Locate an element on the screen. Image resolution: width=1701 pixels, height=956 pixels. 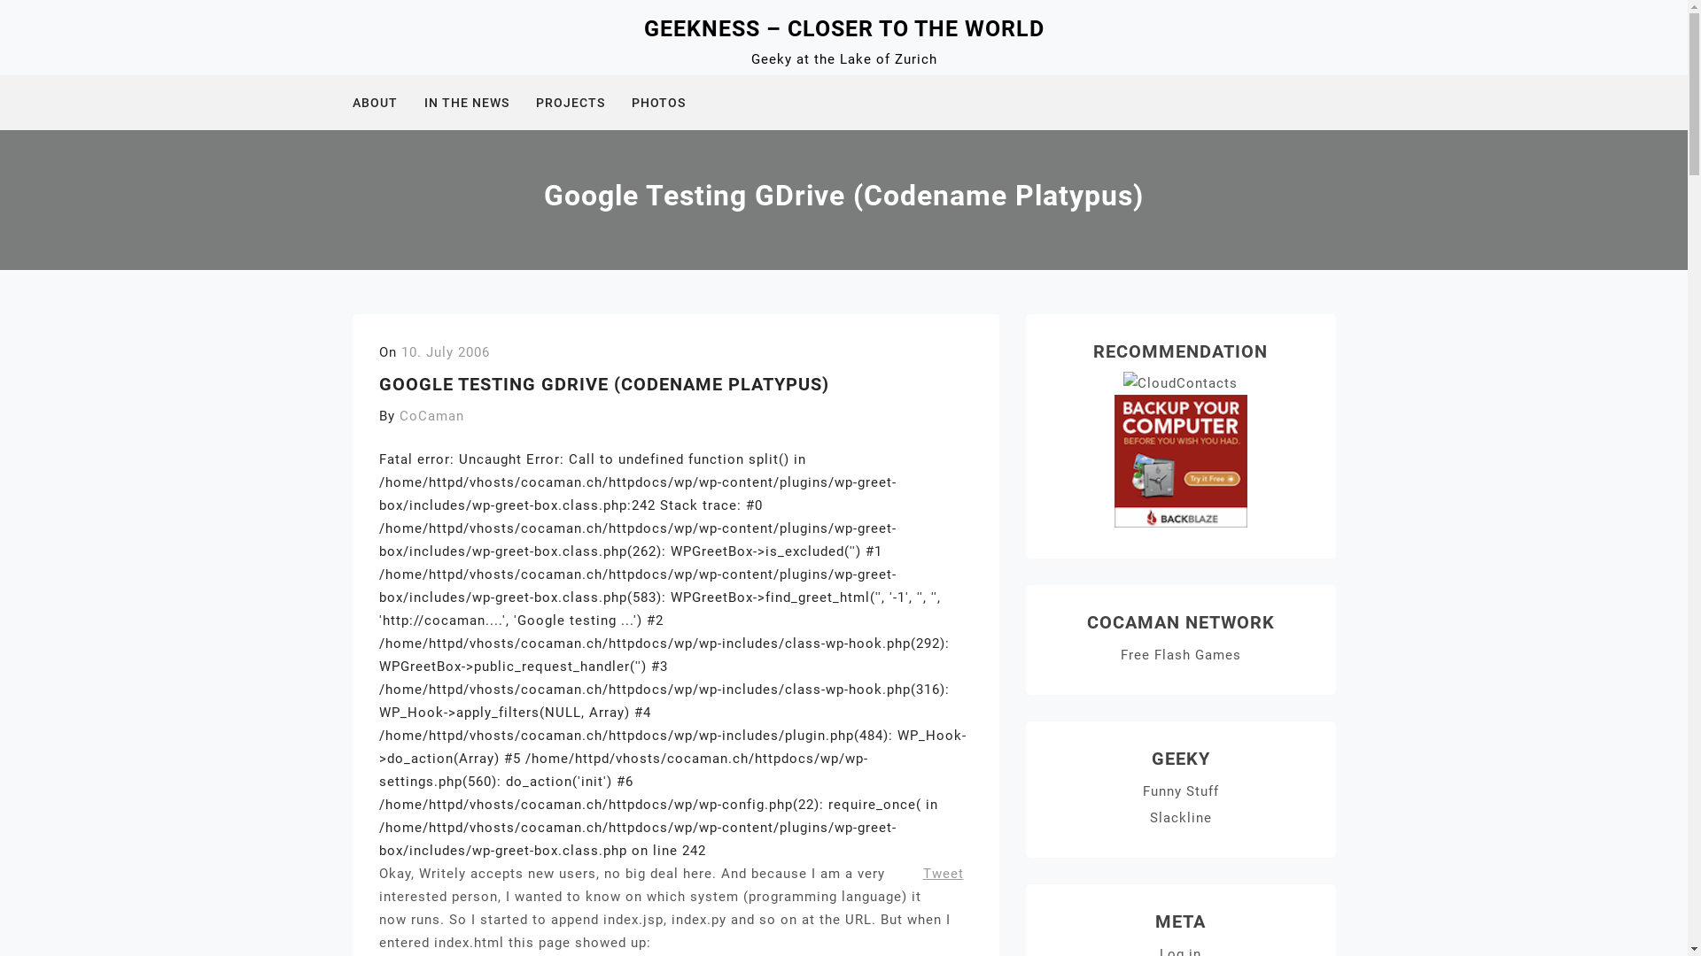
'Funny Stuff' is located at coordinates (1181, 790).